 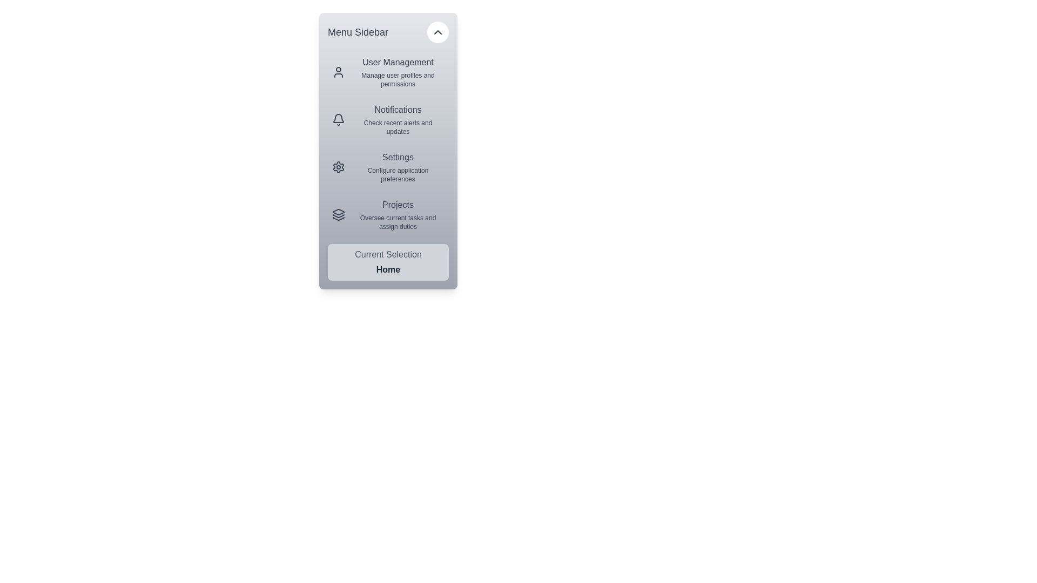 What do you see at coordinates (338, 167) in the screenshot?
I see `the central cogwheel icon located in the Settings section of the sidebar menu` at bounding box center [338, 167].